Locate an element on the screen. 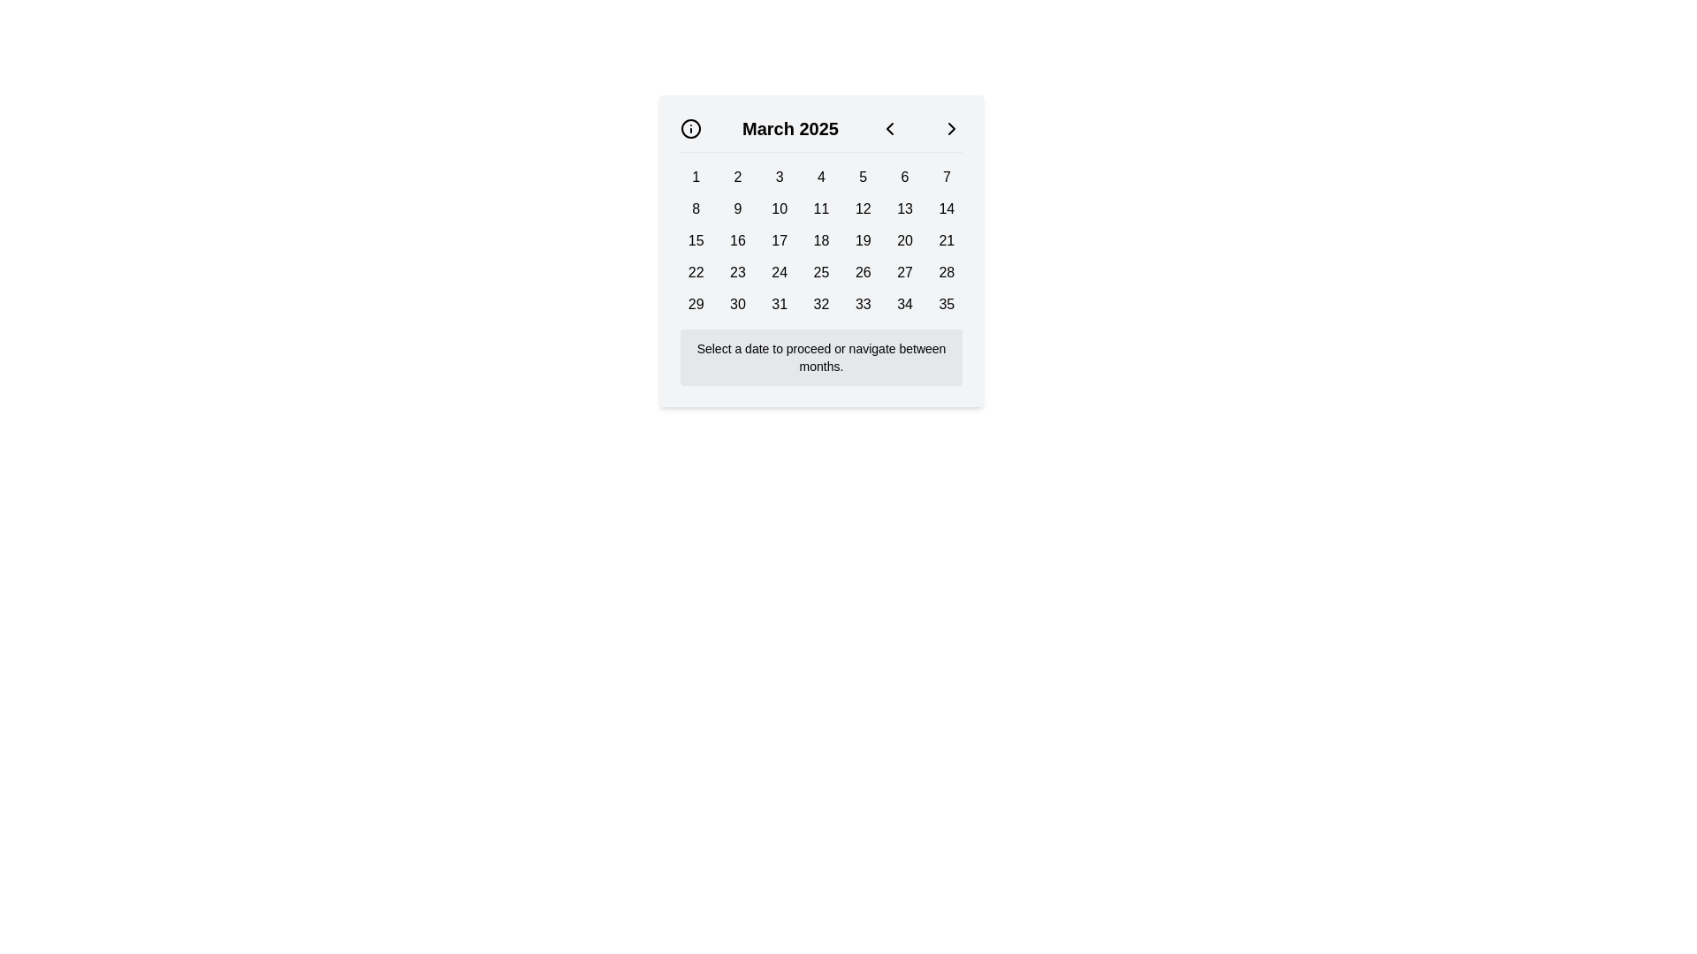 This screenshot has height=954, width=1697. the button representing the 24th day of the month in the calendar interface to focus on it is located at coordinates (779, 272).